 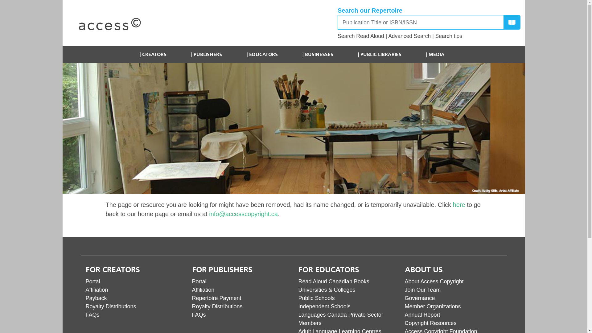 I want to click on 'FAQs', so click(x=92, y=315).